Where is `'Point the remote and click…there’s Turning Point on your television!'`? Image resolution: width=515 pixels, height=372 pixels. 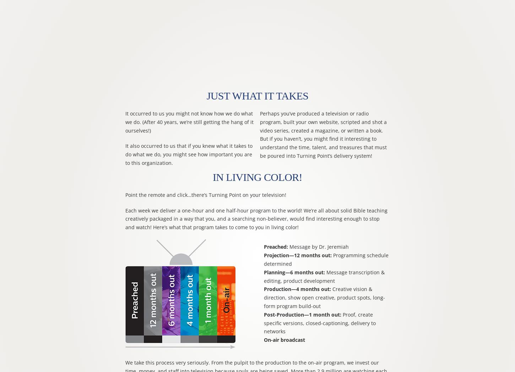
'Point the remote and click…there’s Turning Point on your television!' is located at coordinates (205, 194).